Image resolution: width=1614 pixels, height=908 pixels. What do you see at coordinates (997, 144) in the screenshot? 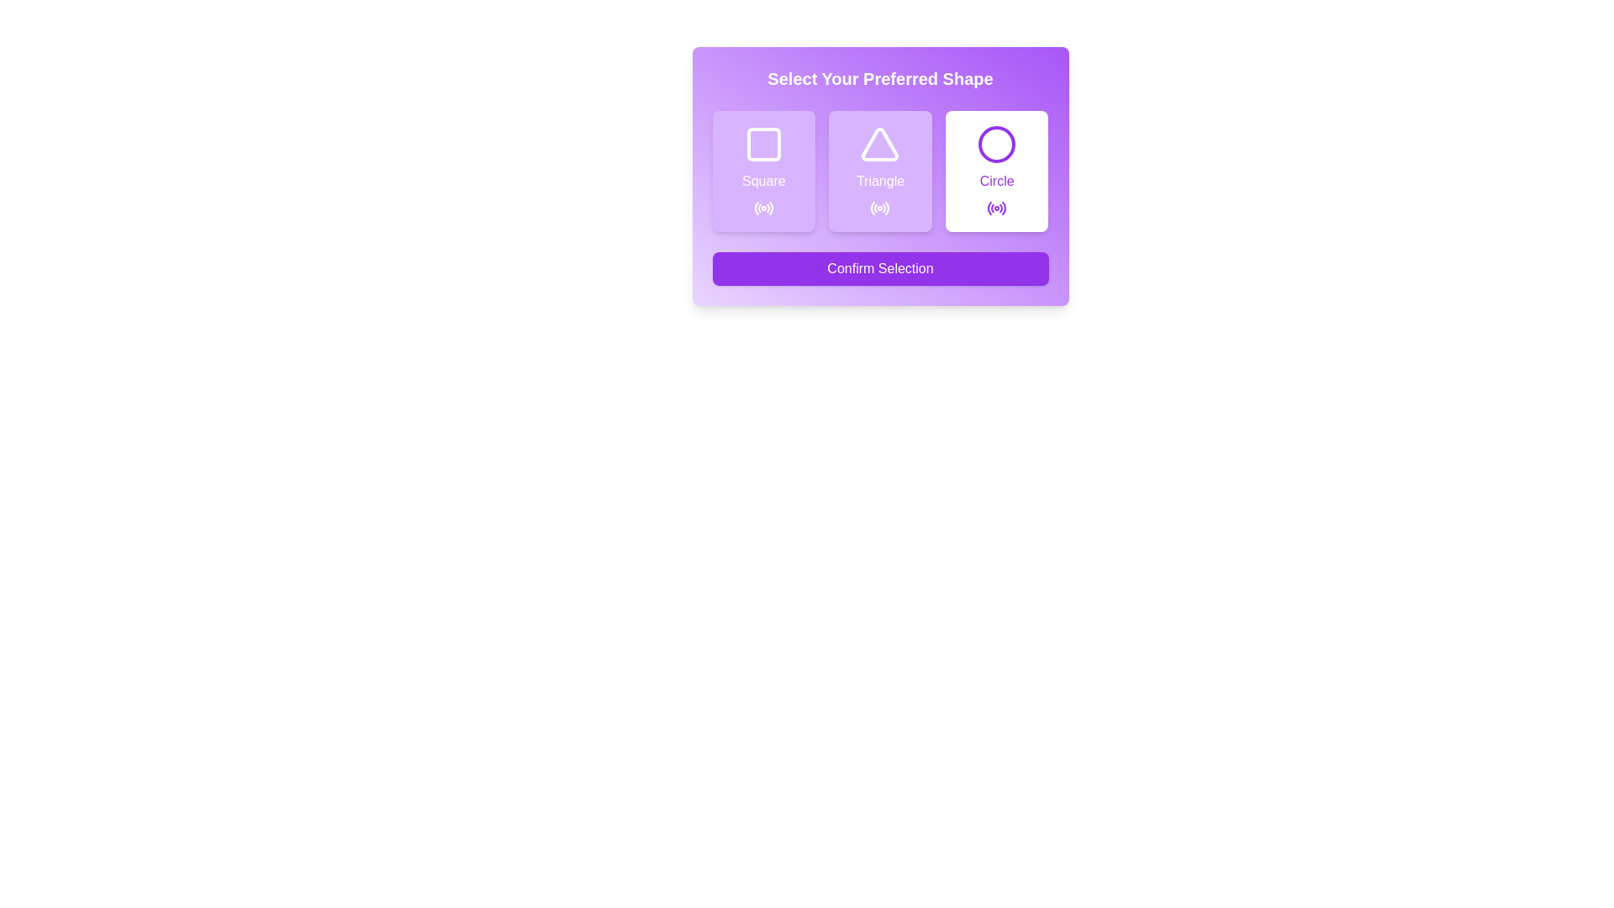
I see `the 'Circle' icon in the selection interface by navigating to its center point` at bounding box center [997, 144].